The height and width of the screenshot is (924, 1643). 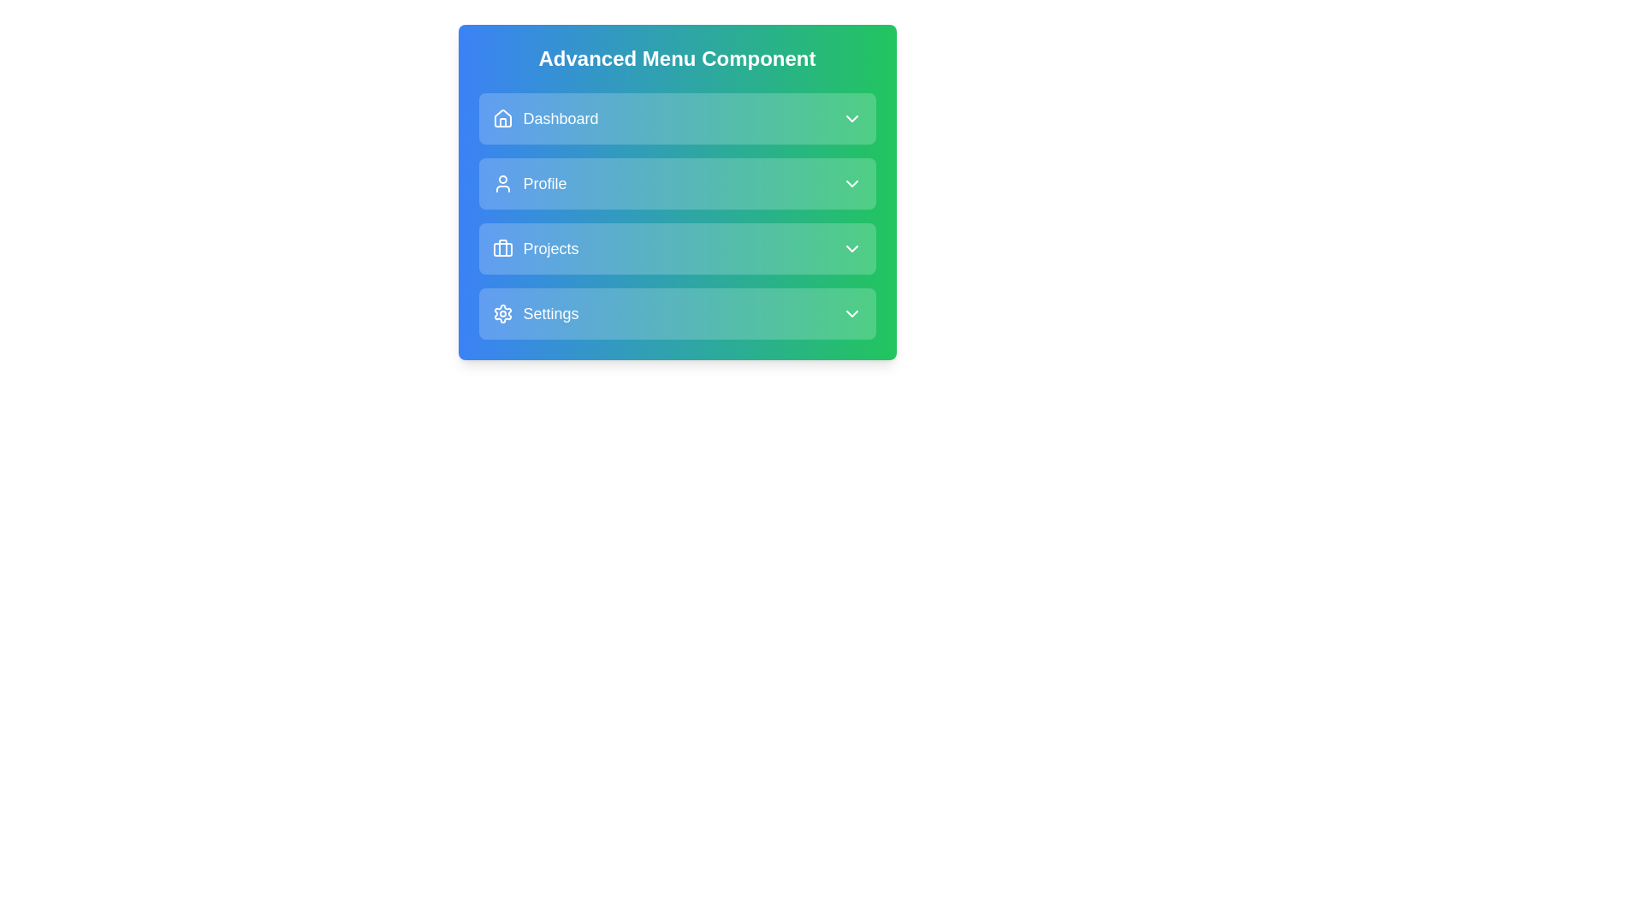 What do you see at coordinates (501, 248) in the screenshot?
I see `the 'Projects' icon located to the left of the 'Projects' label in the navigation menu` at bounding box center [501, 248].